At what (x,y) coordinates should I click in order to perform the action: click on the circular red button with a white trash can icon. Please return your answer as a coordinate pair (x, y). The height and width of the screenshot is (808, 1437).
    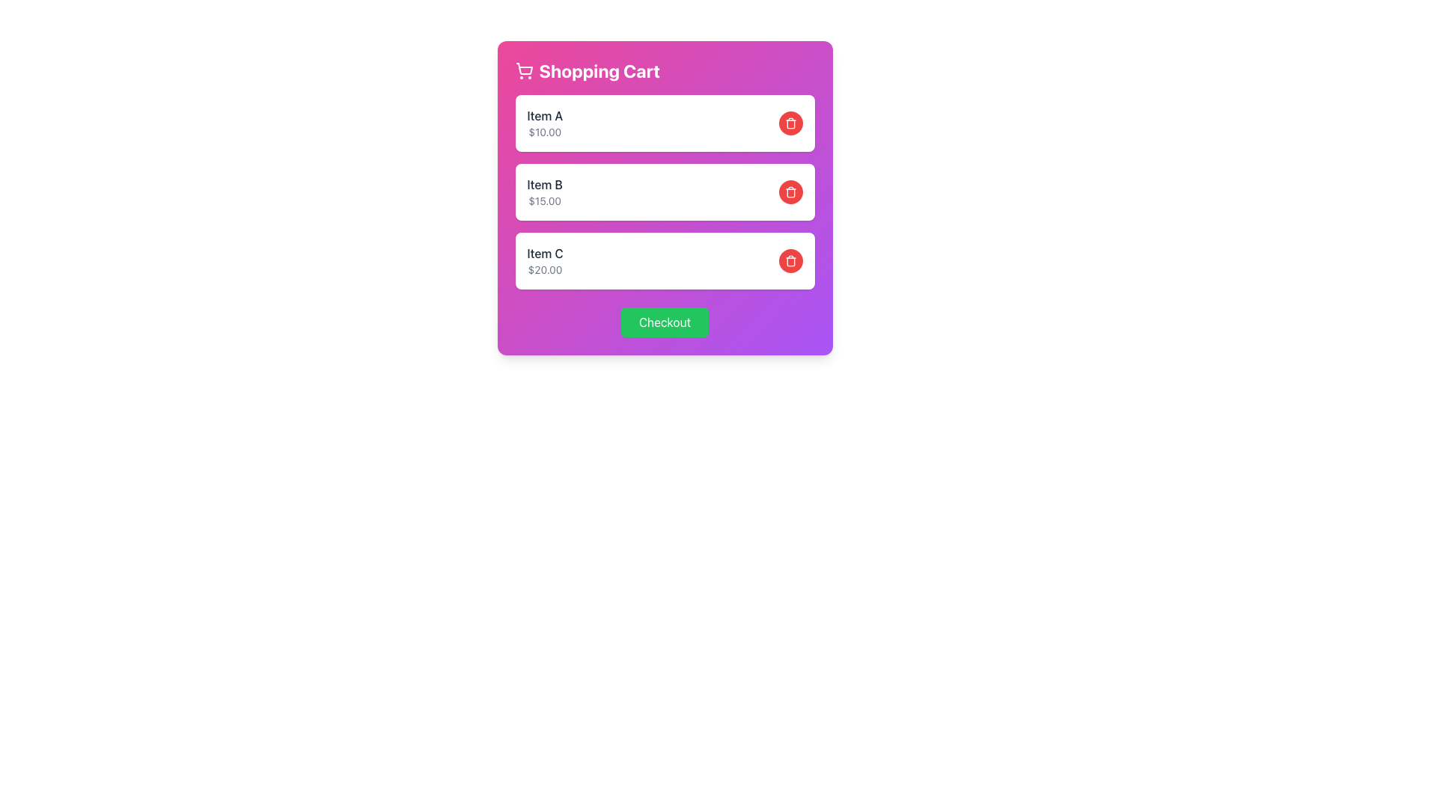
    Looking at the image, I should click on (790, 260).